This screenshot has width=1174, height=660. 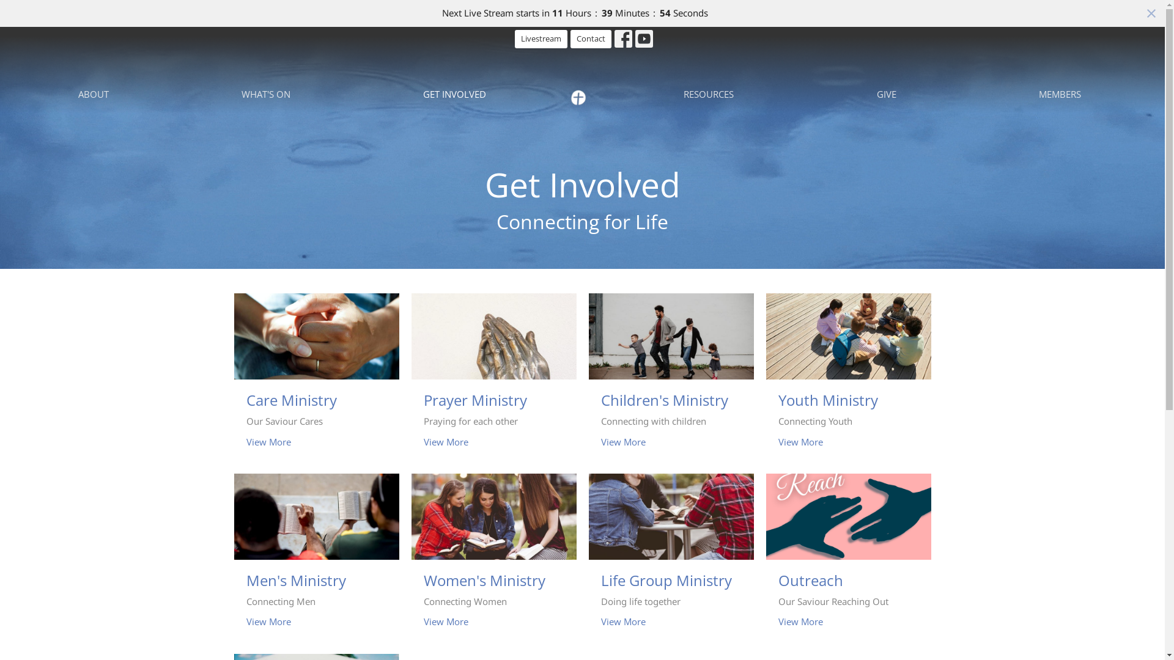 I want to click on 'Children's Ministry, so click(x=670, y=376).